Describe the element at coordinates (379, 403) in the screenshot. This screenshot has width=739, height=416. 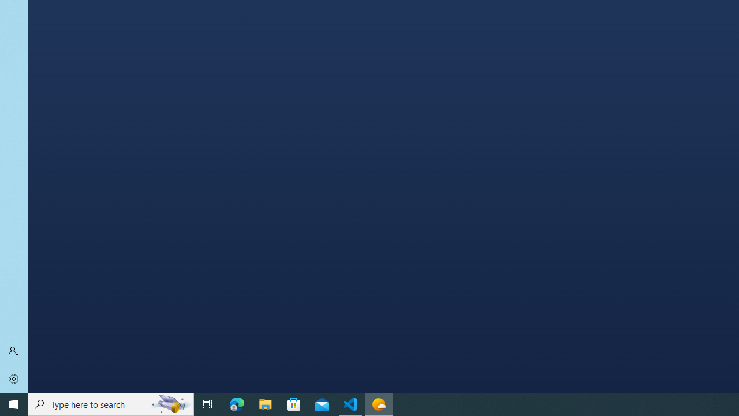
I see `'Weather - 1 running window'` at that location.